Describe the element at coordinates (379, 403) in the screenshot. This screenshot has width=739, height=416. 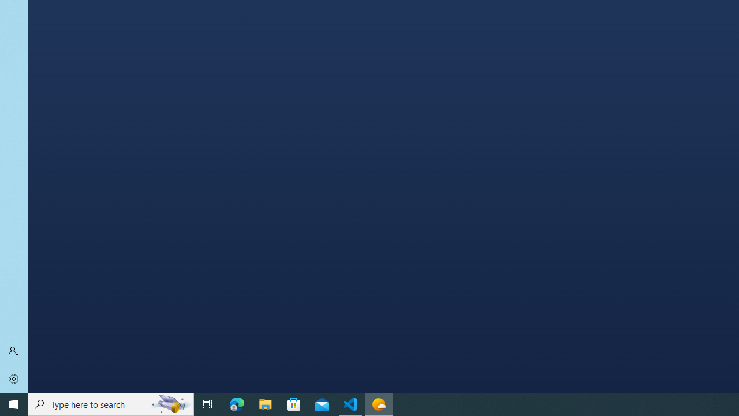
I see `'Weather - 1 running window'` at that location.